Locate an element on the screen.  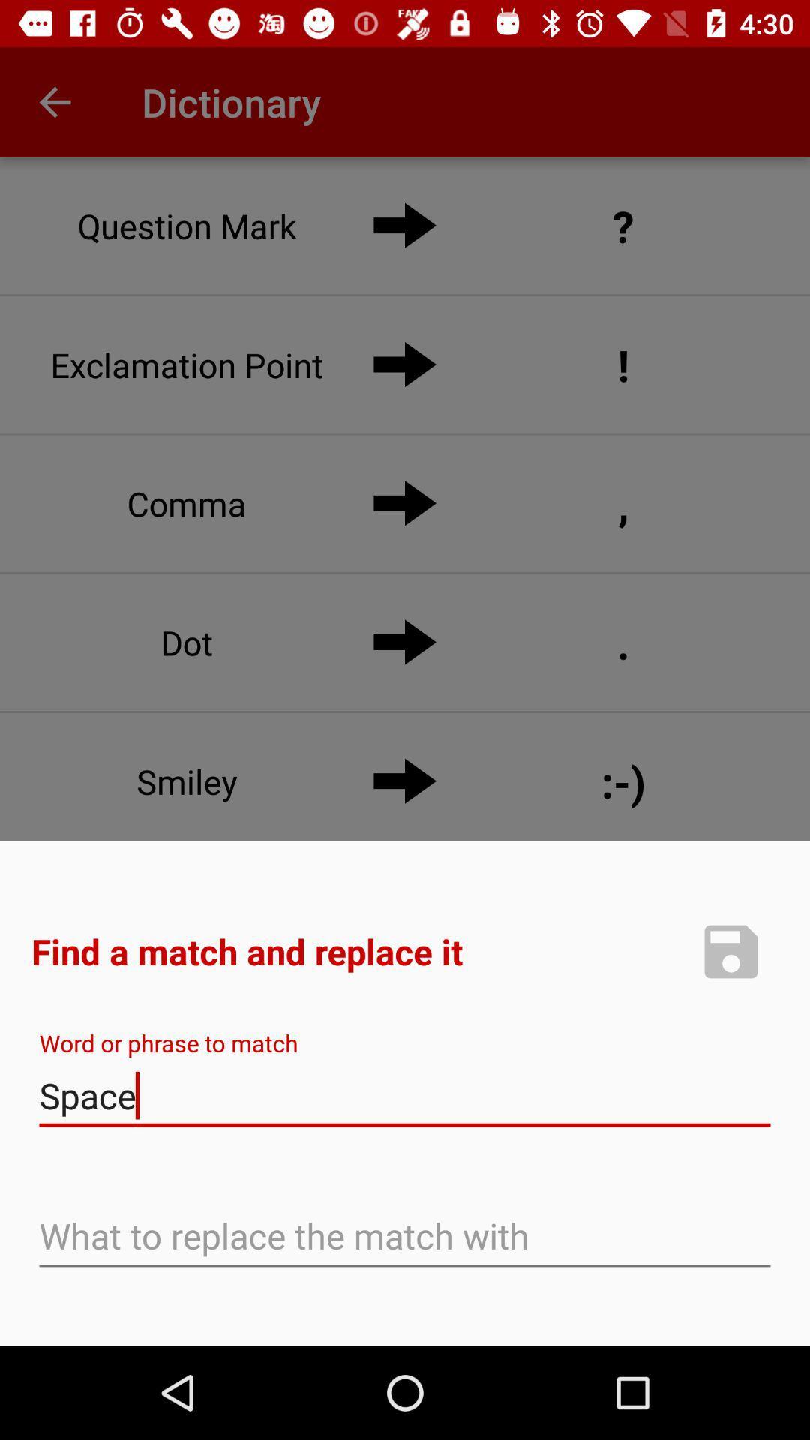
information is located at coordinates (730, 950).